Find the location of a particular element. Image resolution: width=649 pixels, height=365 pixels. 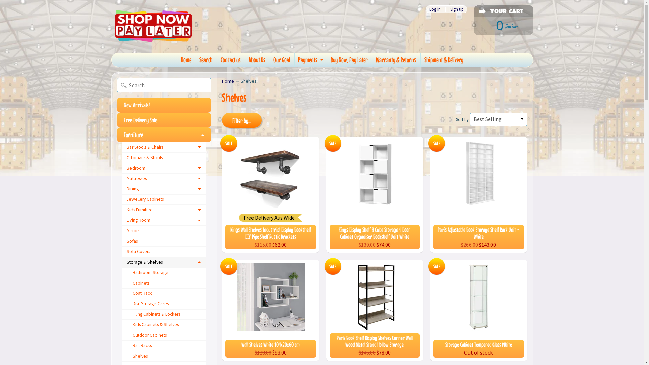

'Sofas' is located at coordinates (164, 241).